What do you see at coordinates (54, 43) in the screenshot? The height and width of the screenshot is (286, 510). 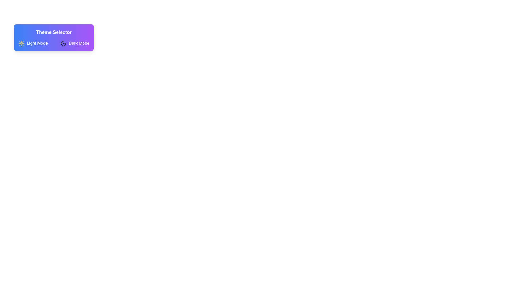 I see `the Combined toggle switch located between the 'Light Mode' and 'Dark Mode' labels to change the theme` at bounding box center [54, 43].